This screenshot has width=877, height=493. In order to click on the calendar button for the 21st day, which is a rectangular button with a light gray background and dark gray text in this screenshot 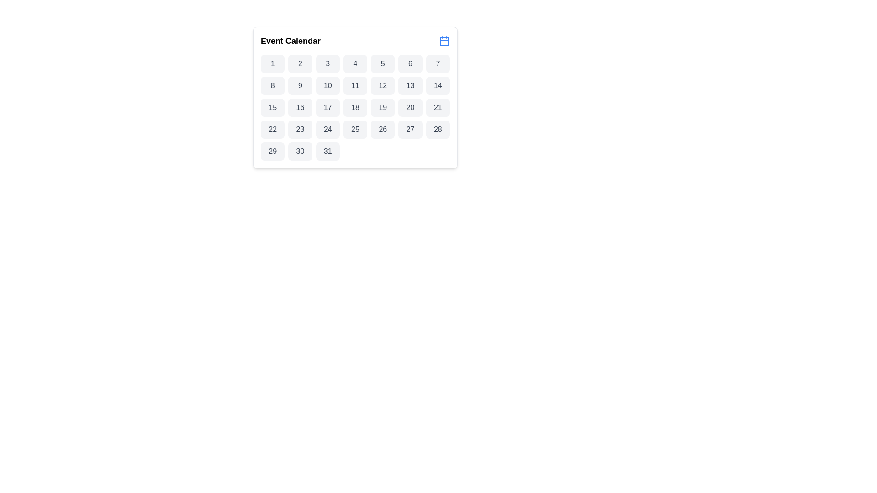, I will do `click(437, 107)`.